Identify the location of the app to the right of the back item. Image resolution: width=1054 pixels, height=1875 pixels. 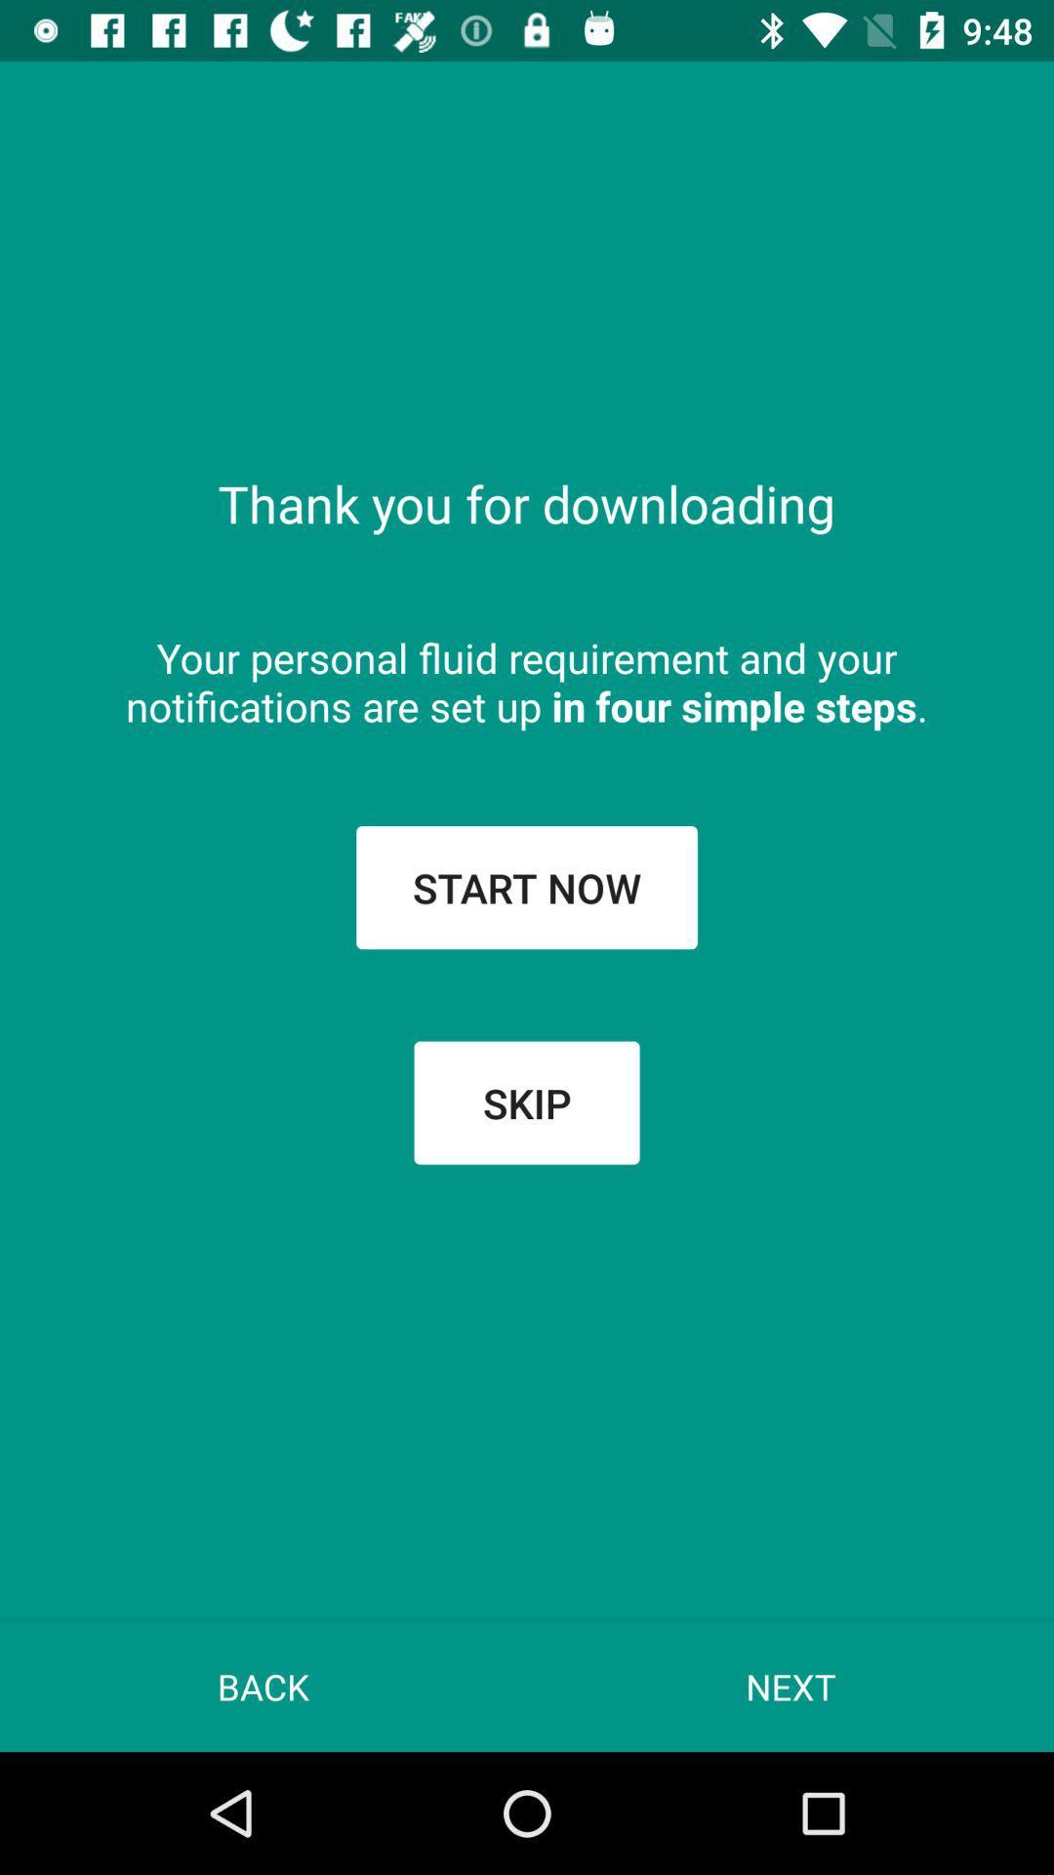
(790, 1686).